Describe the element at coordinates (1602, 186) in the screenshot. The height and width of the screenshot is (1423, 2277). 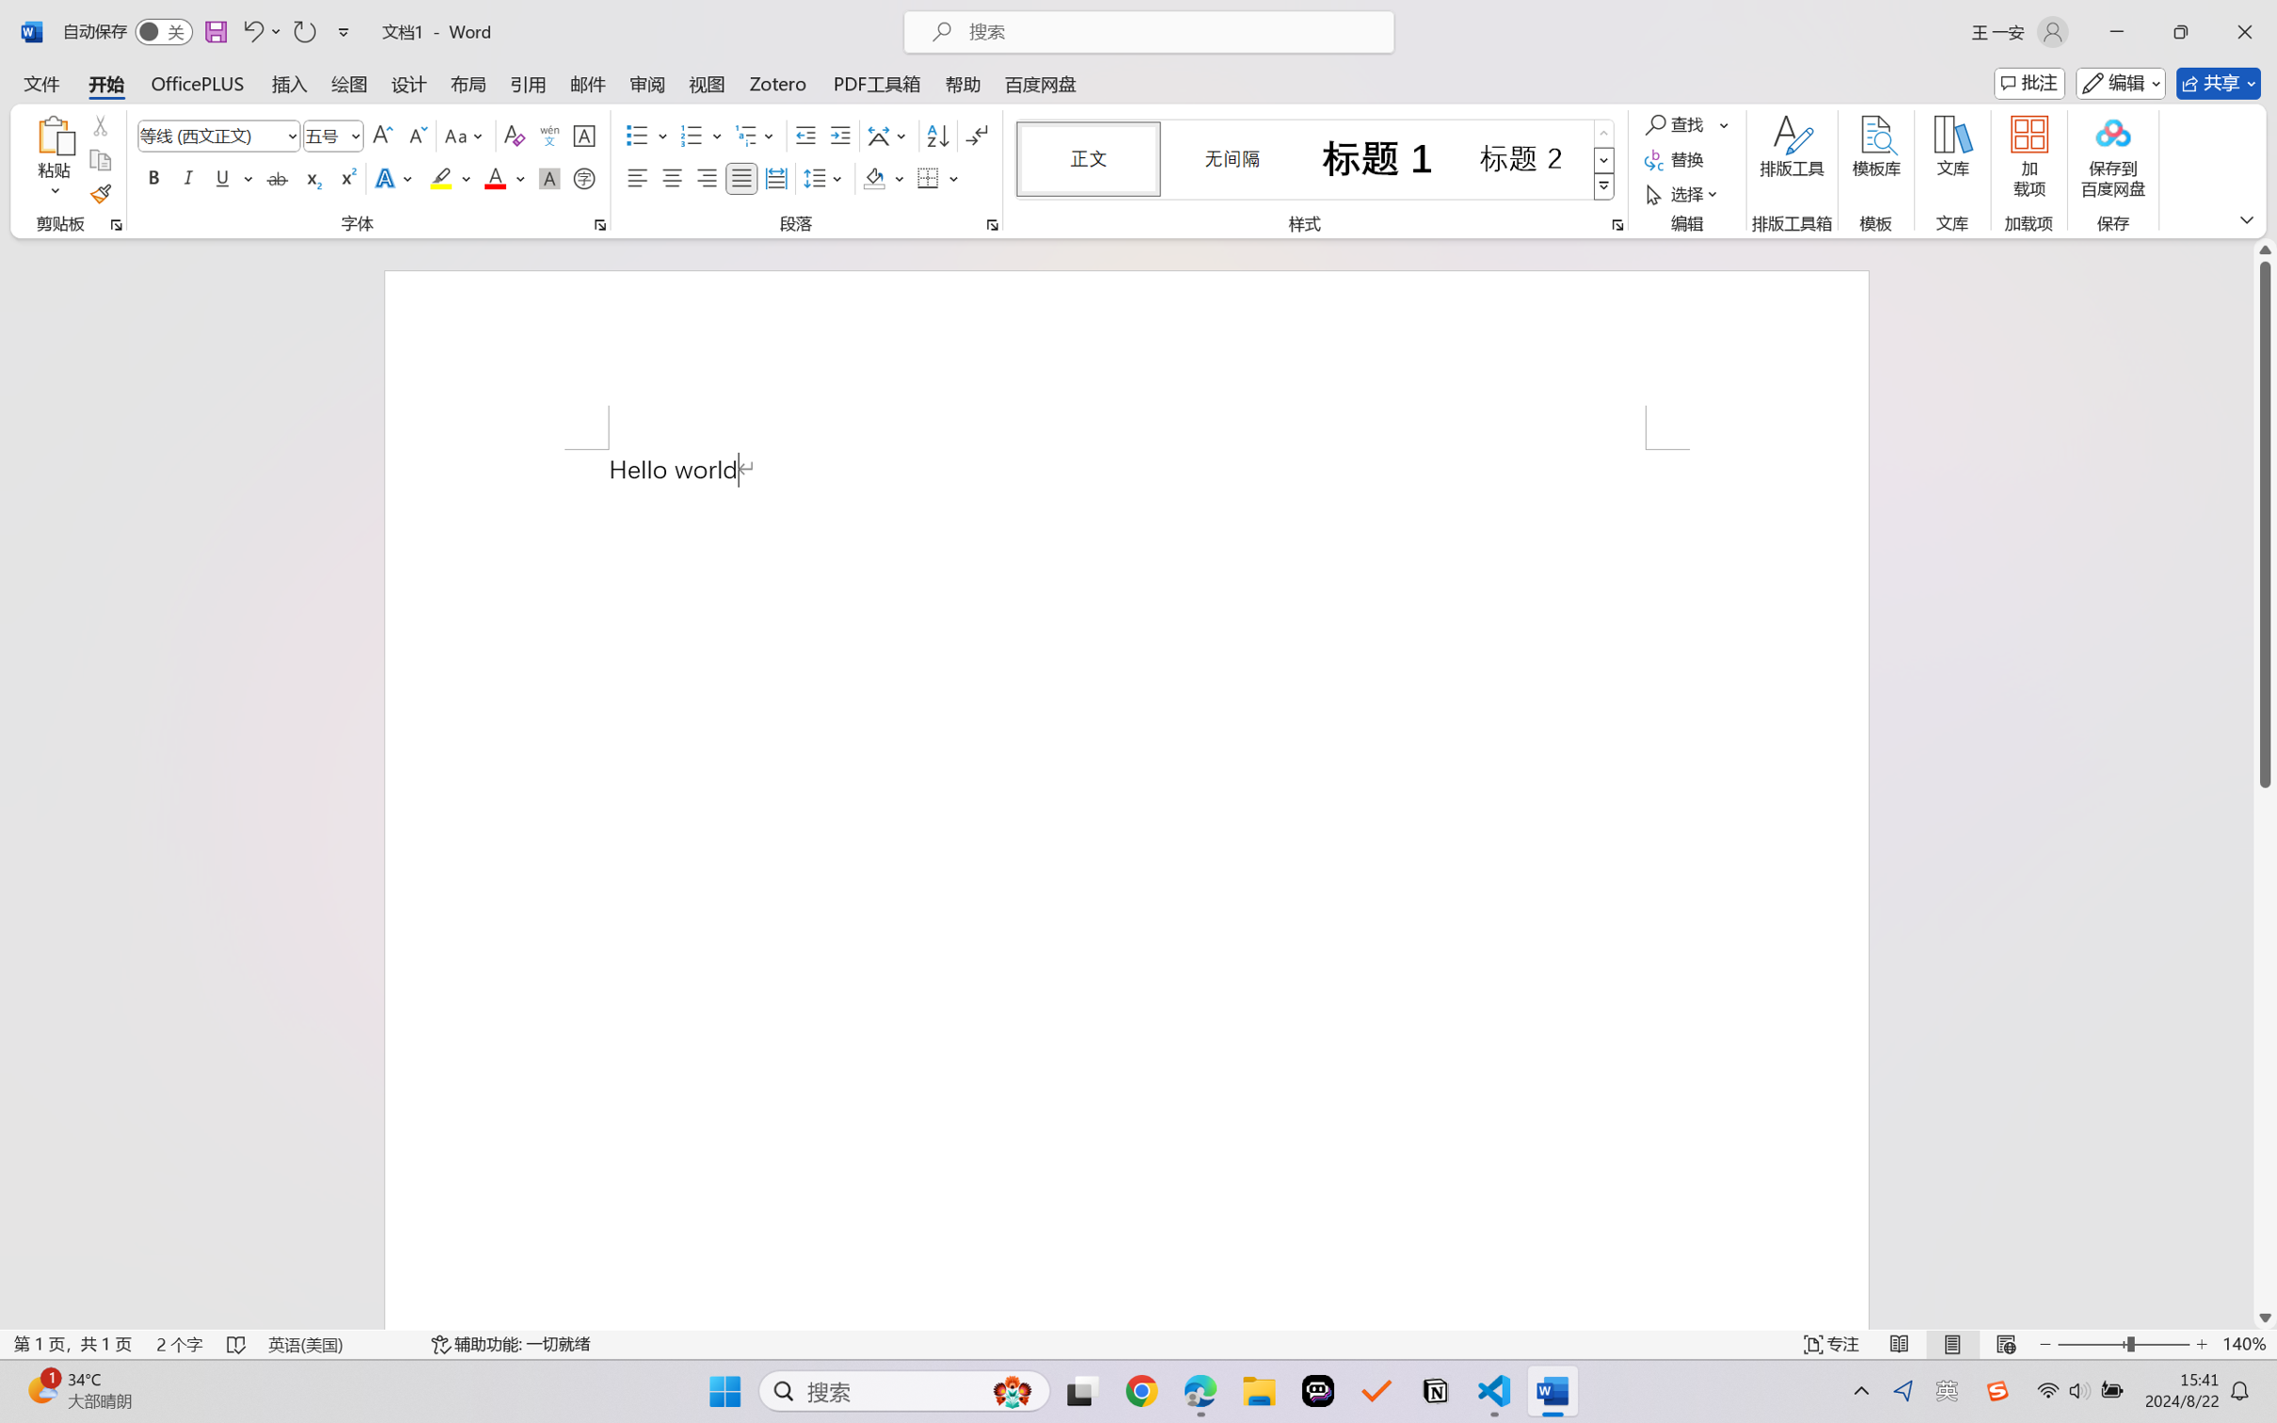
I see `'Class: NetUIImage'` at that location.